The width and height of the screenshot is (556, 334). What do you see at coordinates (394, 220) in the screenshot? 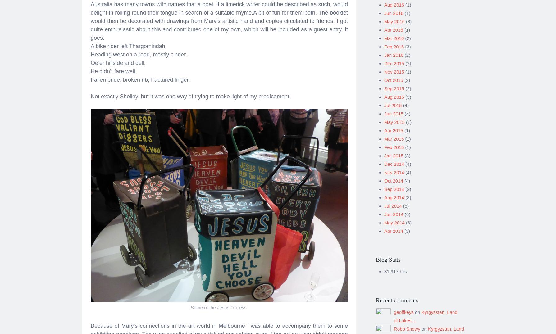
I see `'May 2014'` at bounding box center [394, 220].